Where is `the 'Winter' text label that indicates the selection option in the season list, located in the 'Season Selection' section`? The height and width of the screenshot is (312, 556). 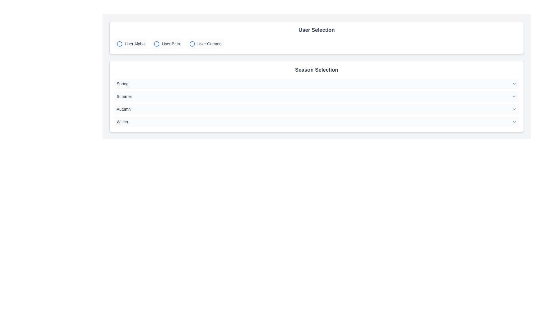
the 'Winter' text label that indicates the selection option in the season list, located in the 'Season Selection' section is located at coordinates (122, 121).